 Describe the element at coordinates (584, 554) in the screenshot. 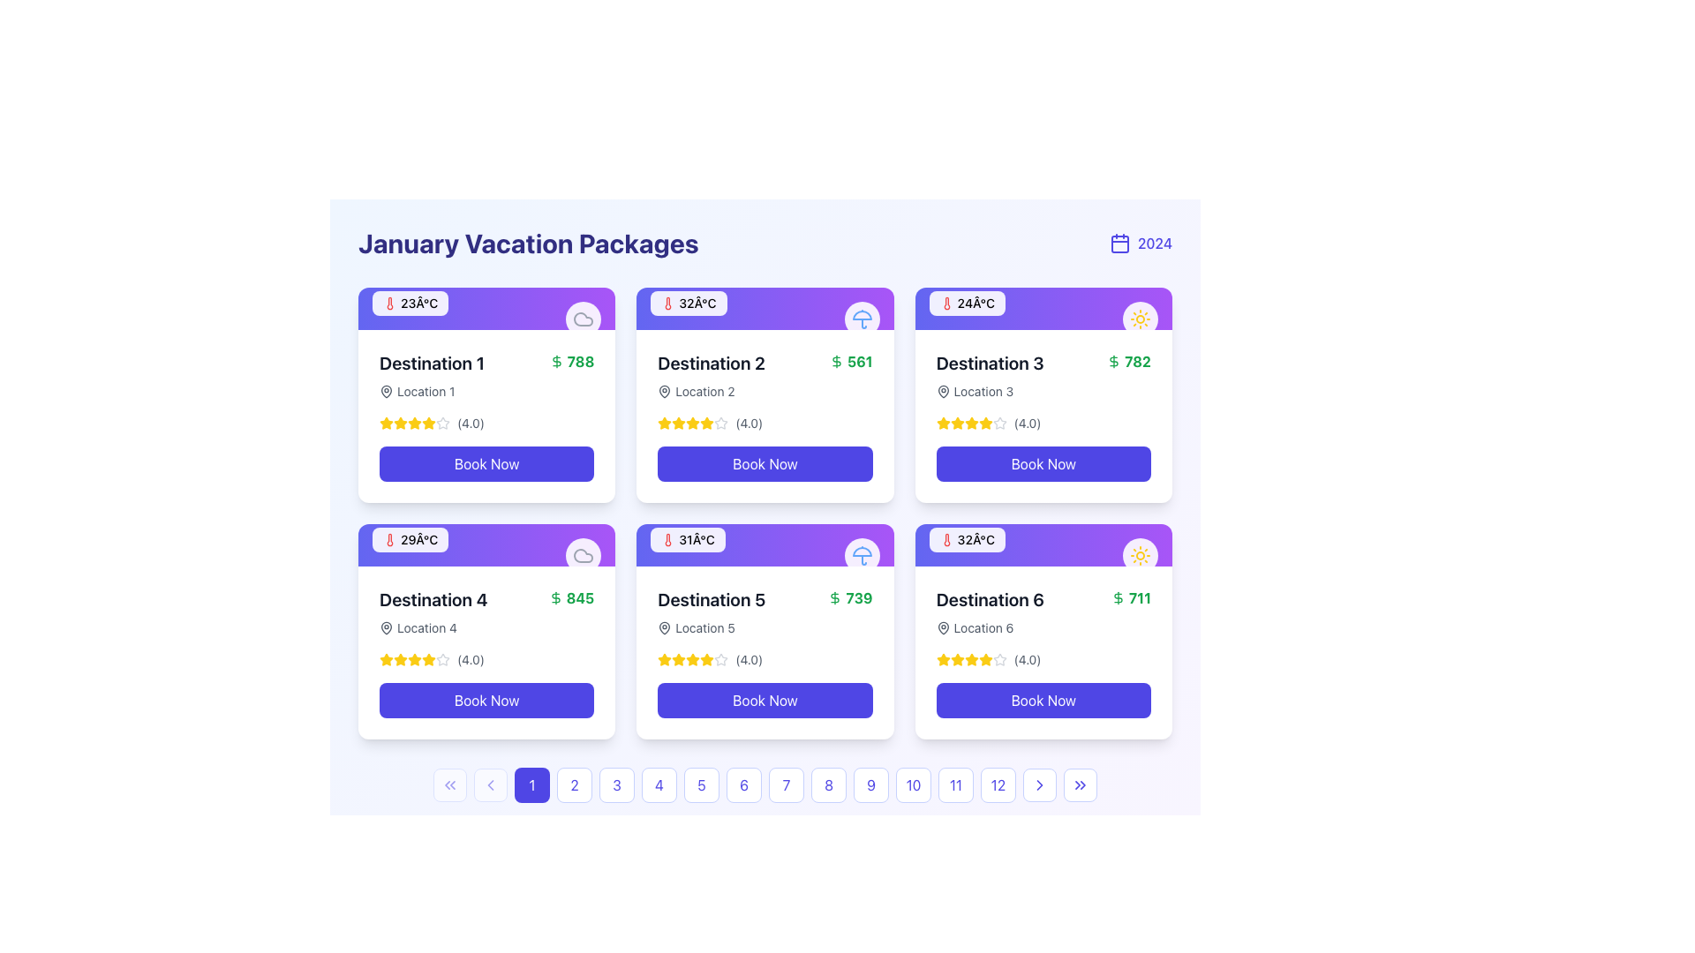

I see `the small white circular icon with a gray cloud illustration located in the top-right corner of the second row and first column card in the grid layout, positioned near the top edge inside a purple header section` at that location.